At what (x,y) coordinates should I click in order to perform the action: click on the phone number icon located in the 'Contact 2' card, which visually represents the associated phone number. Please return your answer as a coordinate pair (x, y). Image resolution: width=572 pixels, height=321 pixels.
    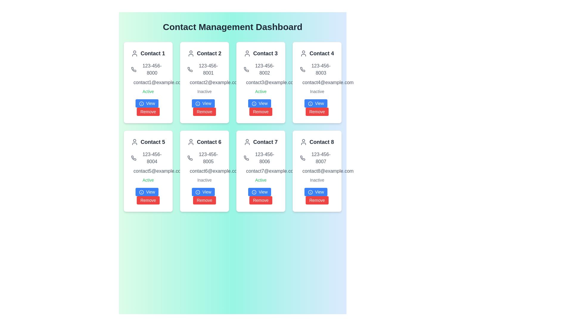
    Looking at the image, I should click on (190, 69).